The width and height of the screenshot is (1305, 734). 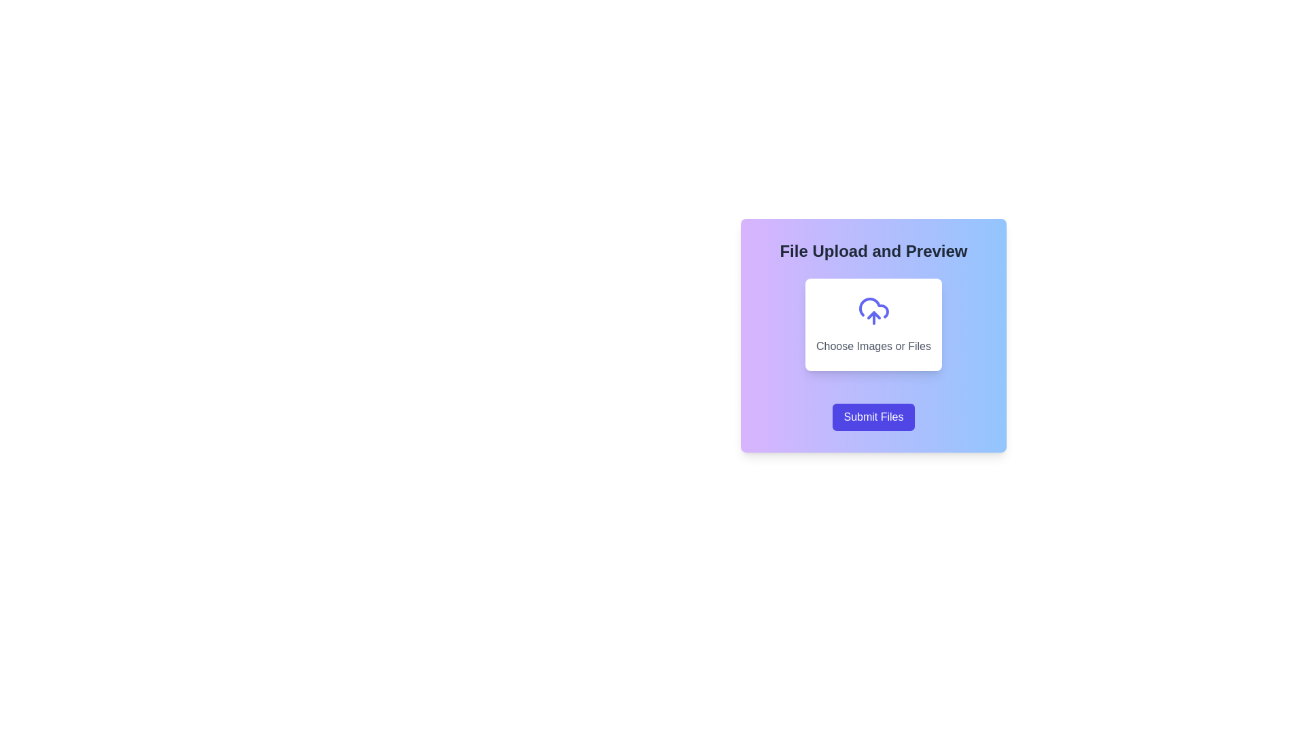 What do you see at coordinates (873, 308) in the screenshot?
I see `the bottom-left rounded portion of the cloud icon within the 'Choose Images or Files' card, which is part of the SVG graphic representing a cloud with an upward arrow` at bounding box center [873, 308].